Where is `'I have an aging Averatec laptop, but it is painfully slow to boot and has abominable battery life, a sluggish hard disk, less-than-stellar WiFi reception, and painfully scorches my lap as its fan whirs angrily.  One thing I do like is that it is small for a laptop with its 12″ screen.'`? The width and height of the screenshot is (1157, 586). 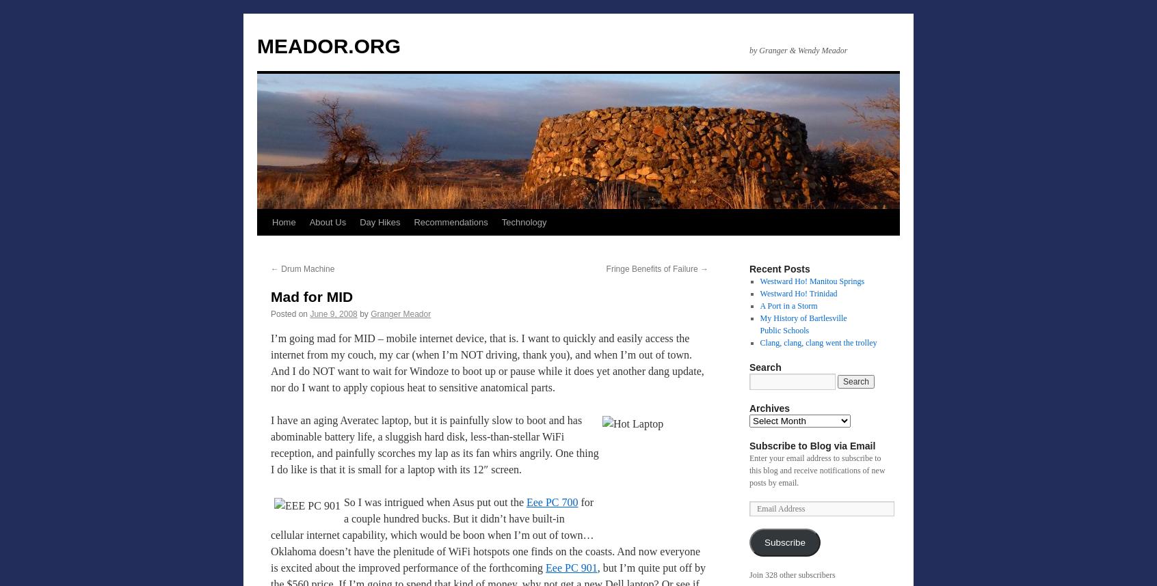 'I have an aging Averatec laptop, but it is painfully slow to boot and has abominable battery life, a sluggish hard disk, less-than-stellar WiFi reception, and painfully scorches my lap as its fan whirs angrily.  One thing I do like is that it is small for a laptop with its 12″ screen.' is located at coordinates (434, 444).